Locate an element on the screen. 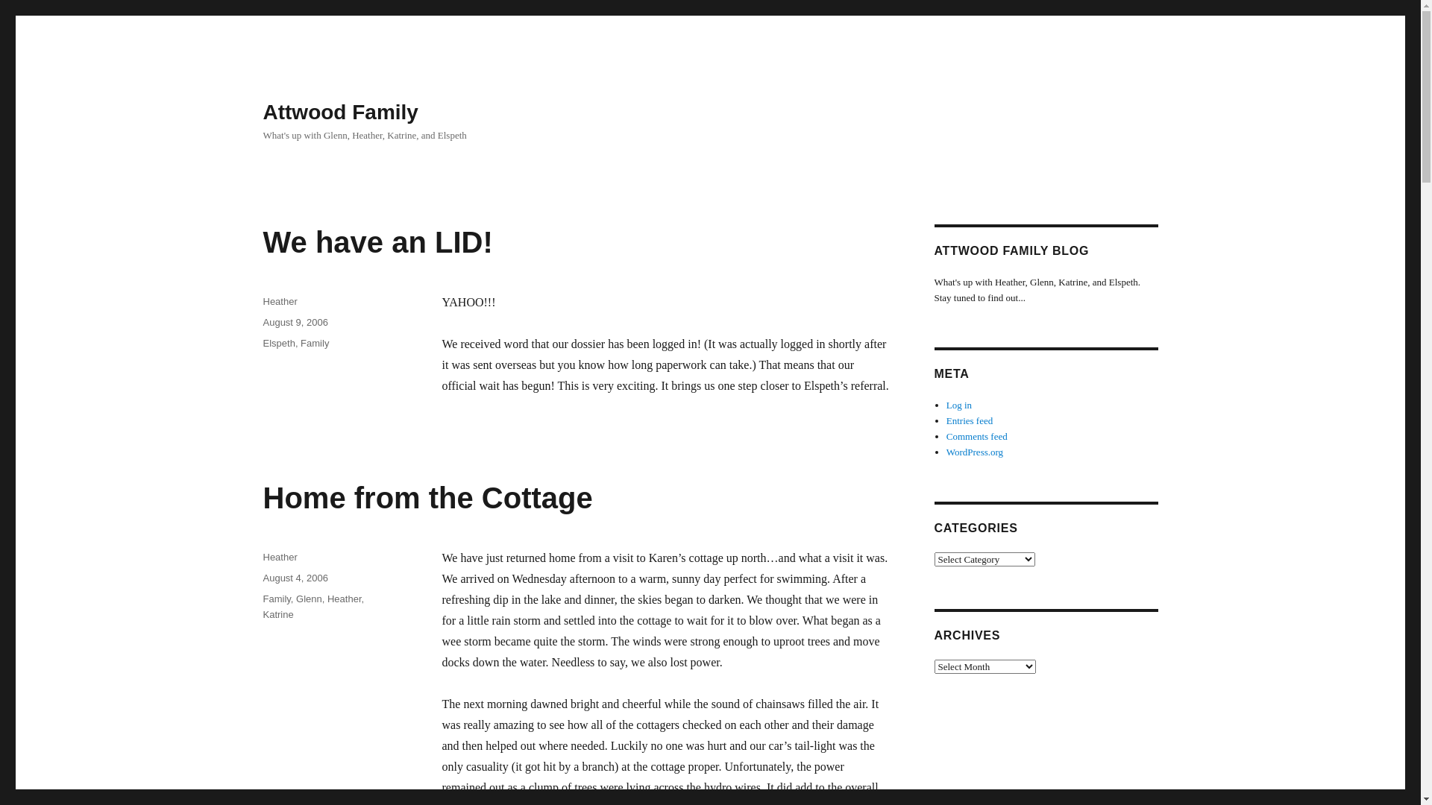 The height and width of the screenshot is (805, 1432). 'Entries feed' is located at coordinates (970, 420).